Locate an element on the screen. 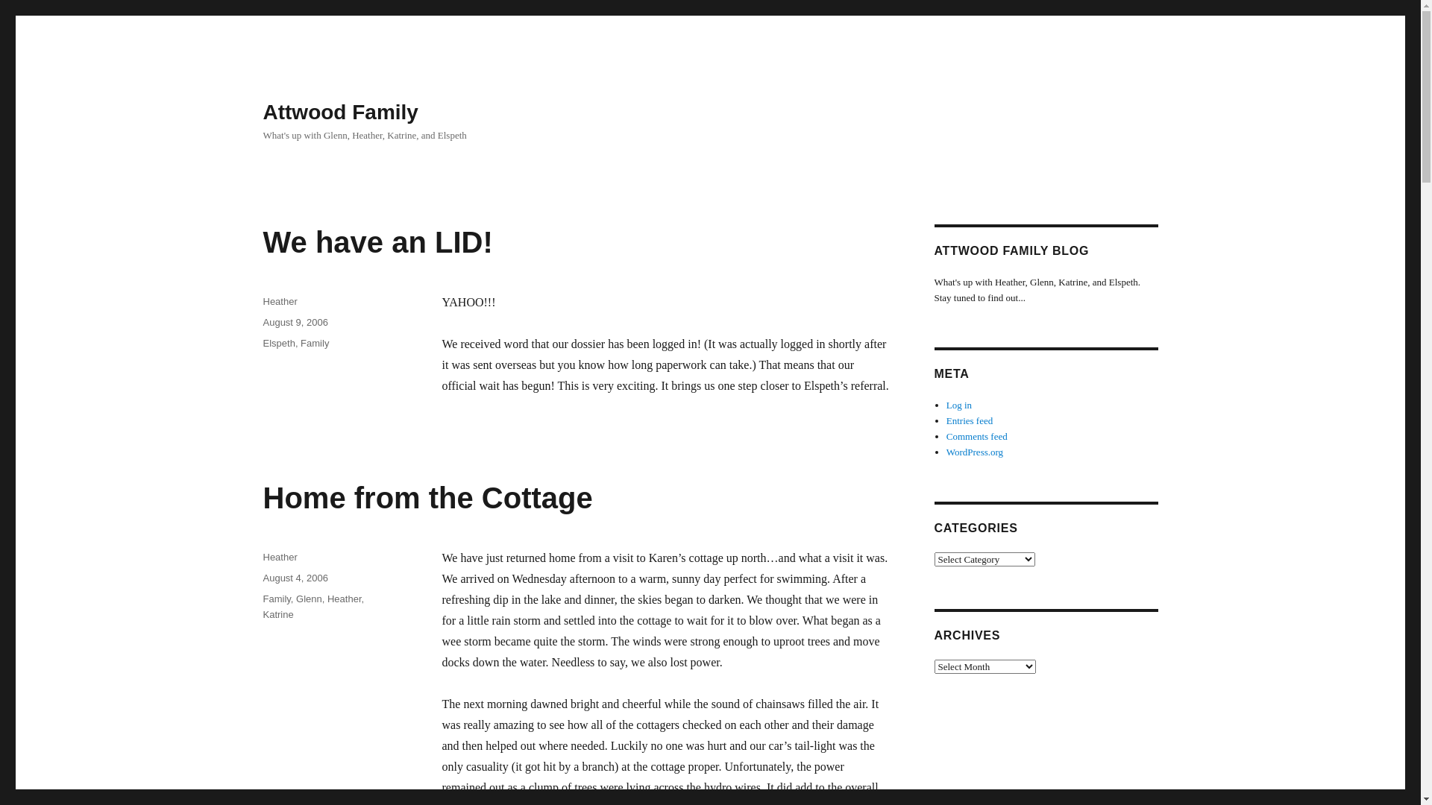 The height and width of the screenshot is (805, 1432). 'Entries feed' is located at coordinates (970, 420).